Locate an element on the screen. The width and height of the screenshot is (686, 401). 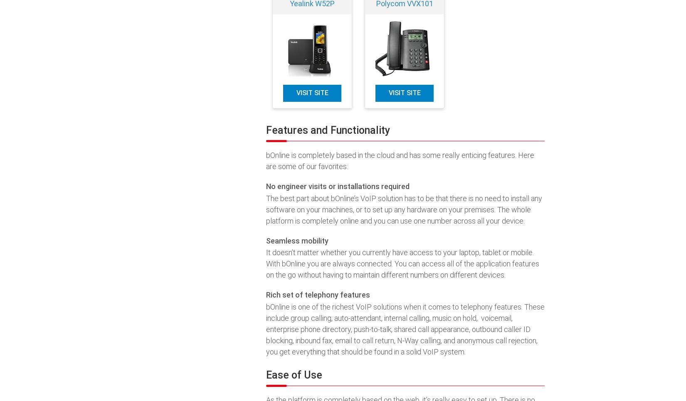
'Seamless mobility' is located at coordinates (296, 240).